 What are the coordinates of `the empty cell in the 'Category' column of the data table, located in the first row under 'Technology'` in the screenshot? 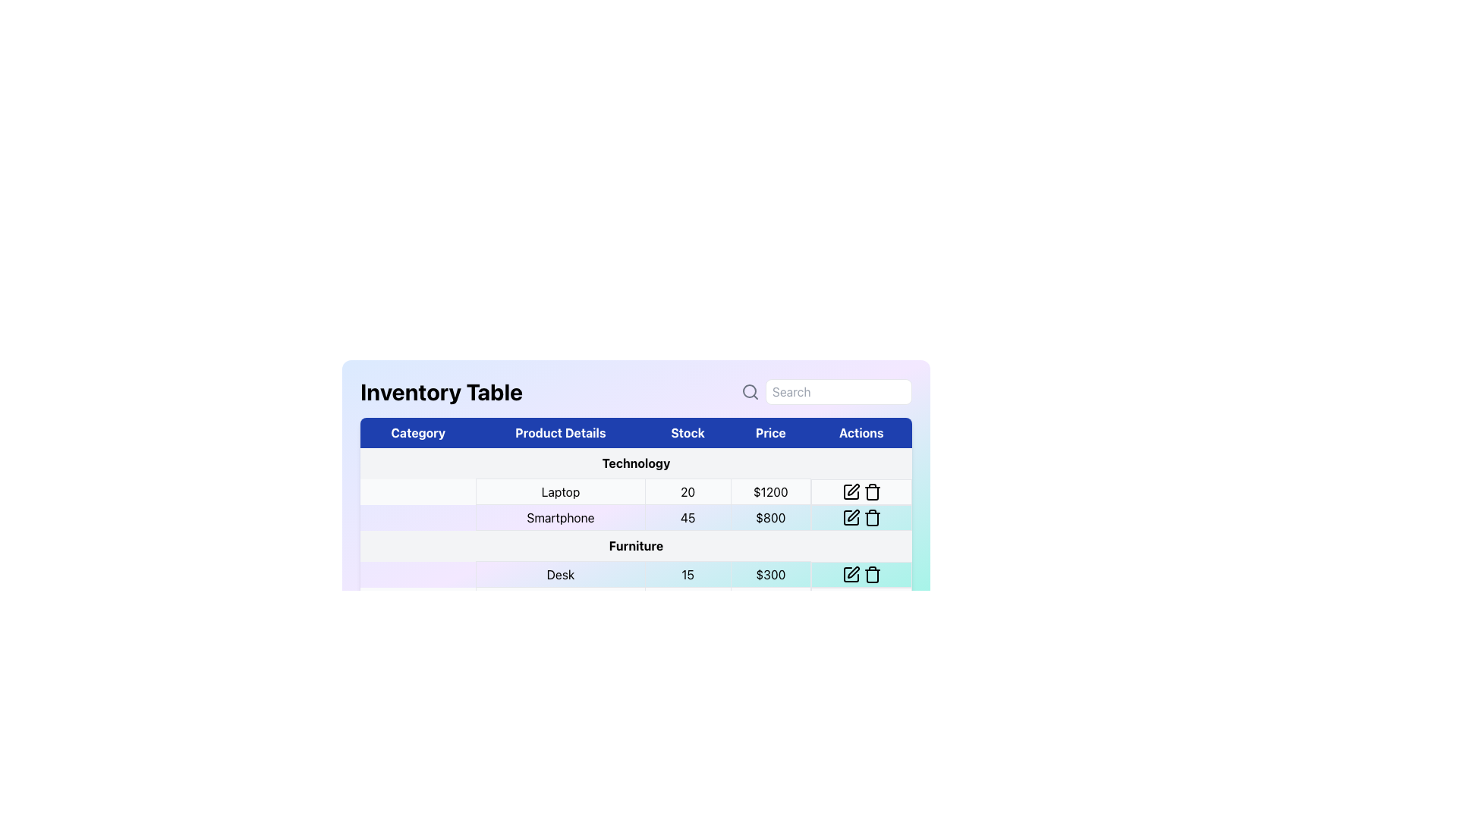 It's located at (418, 491).